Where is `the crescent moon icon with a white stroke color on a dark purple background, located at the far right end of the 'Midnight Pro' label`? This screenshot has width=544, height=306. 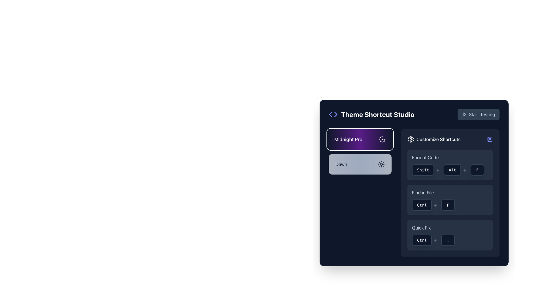 the crescent moon icon with a white stroke color on a dark purple background, located at the far right end of the 'Midnight Pro' label is located at coordinates (382, 139).